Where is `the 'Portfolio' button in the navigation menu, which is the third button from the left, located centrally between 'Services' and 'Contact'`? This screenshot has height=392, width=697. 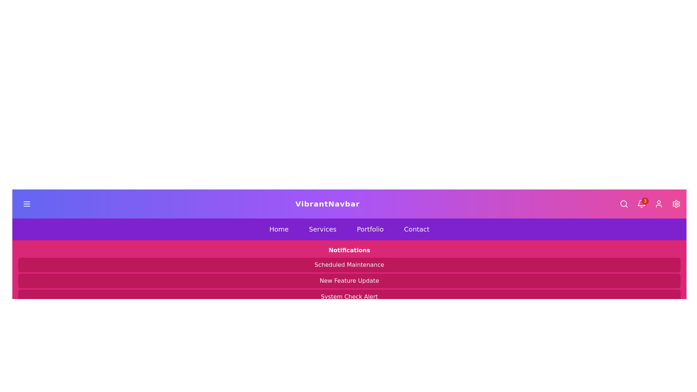 the 'Portfolio' button in the navigation menu, which is the third button from the left, located centrally between 'Services' and 'Contact' is located at coordinates (370, 229).